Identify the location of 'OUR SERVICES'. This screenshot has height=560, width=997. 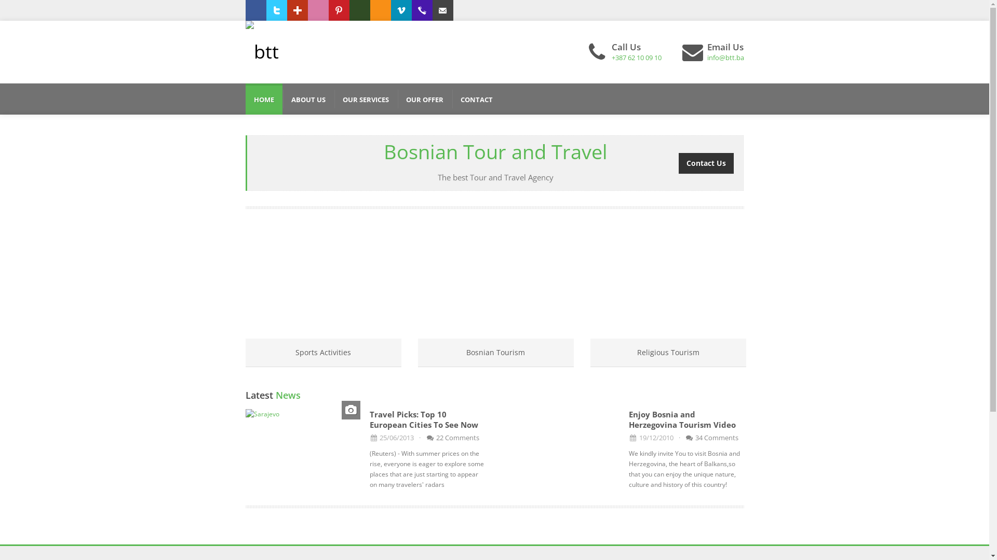
(366, 99).